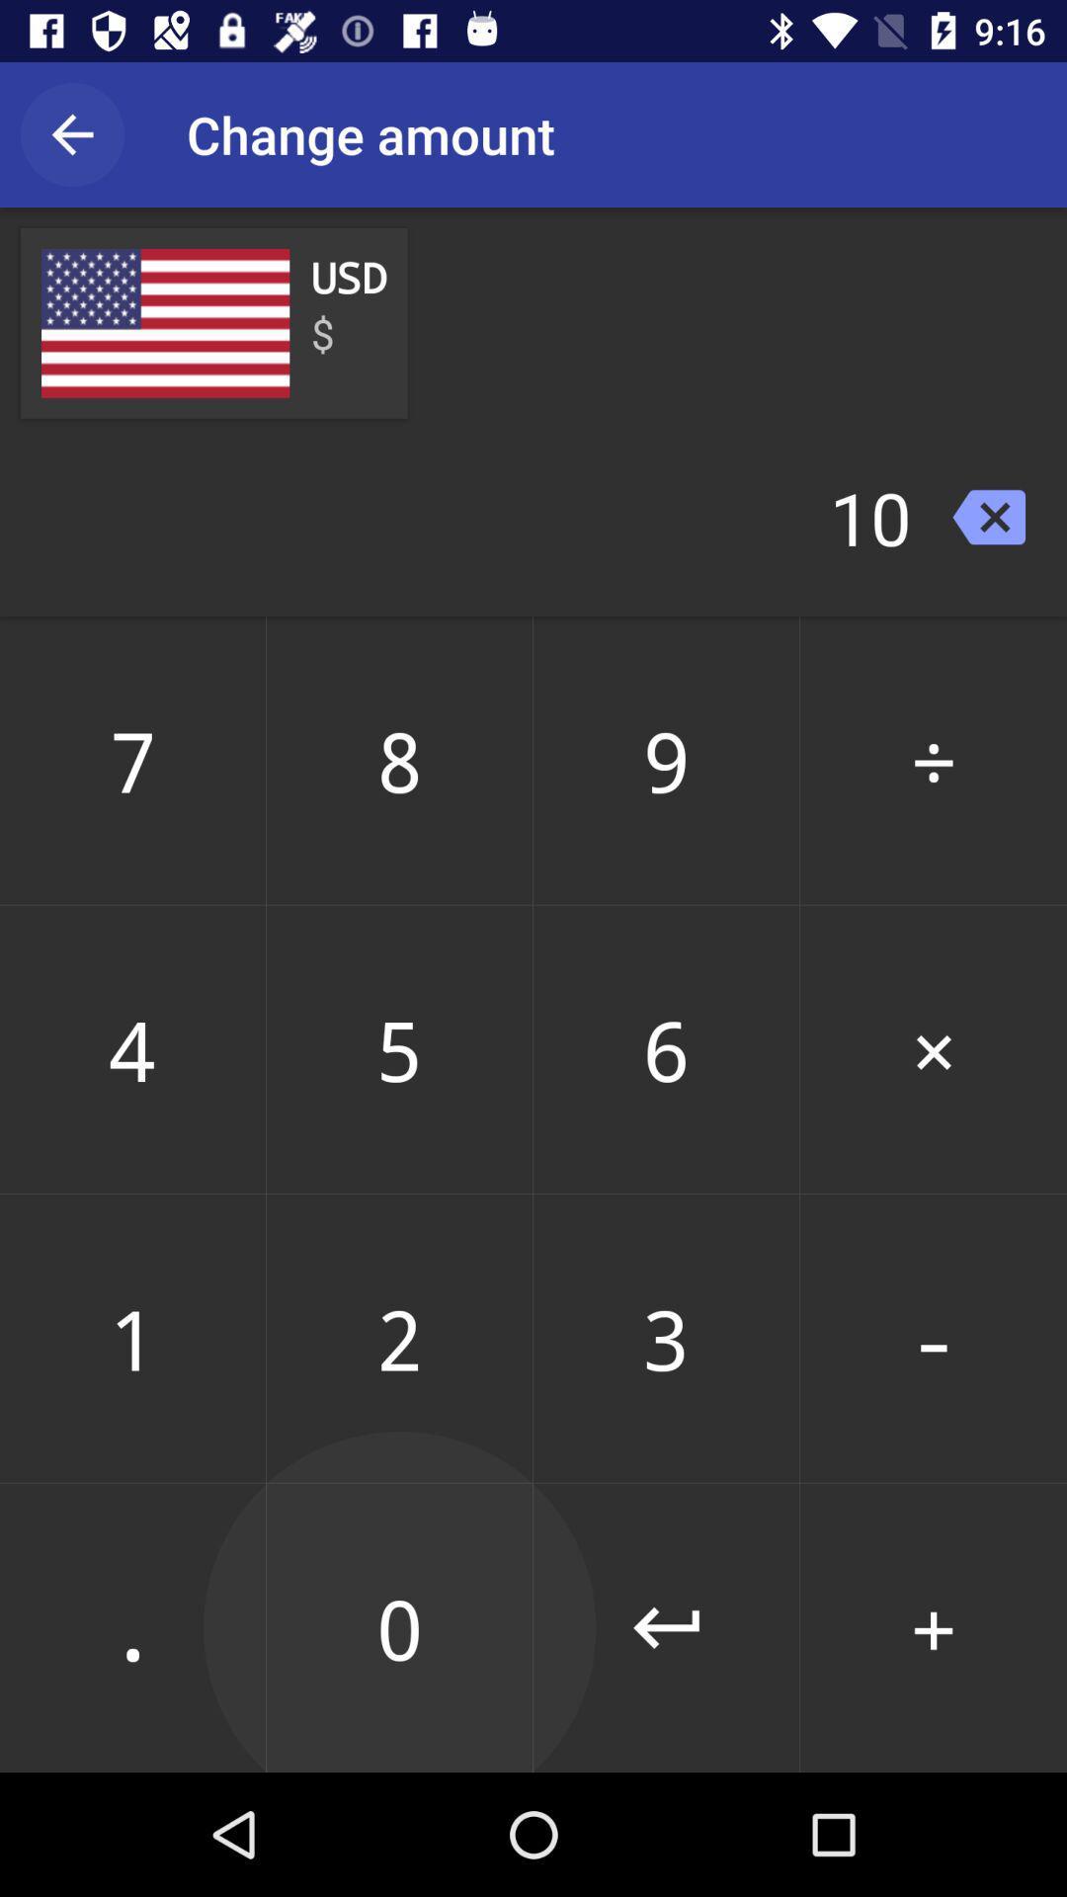  Describe the element at coordinates (399, 1338) in the screenshot. I see `the 2 icon` at that location.